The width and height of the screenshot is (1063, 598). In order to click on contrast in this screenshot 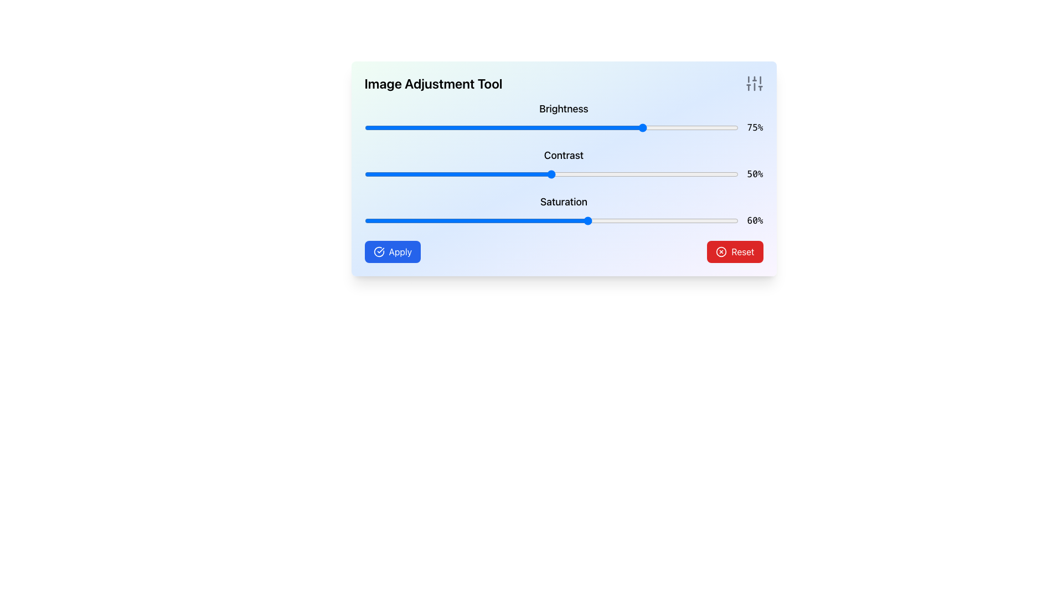, I will do `click(704, 174)`.